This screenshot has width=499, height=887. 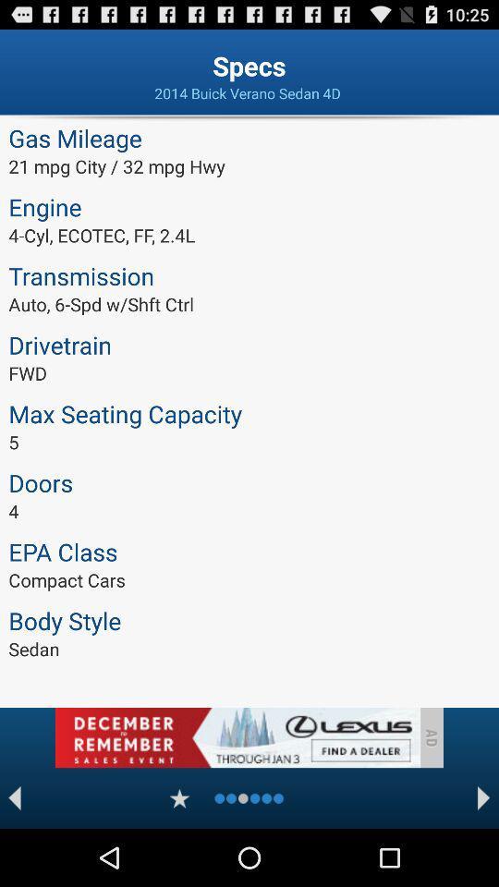 I want to click on the star icon, so click(x=179, y=854).